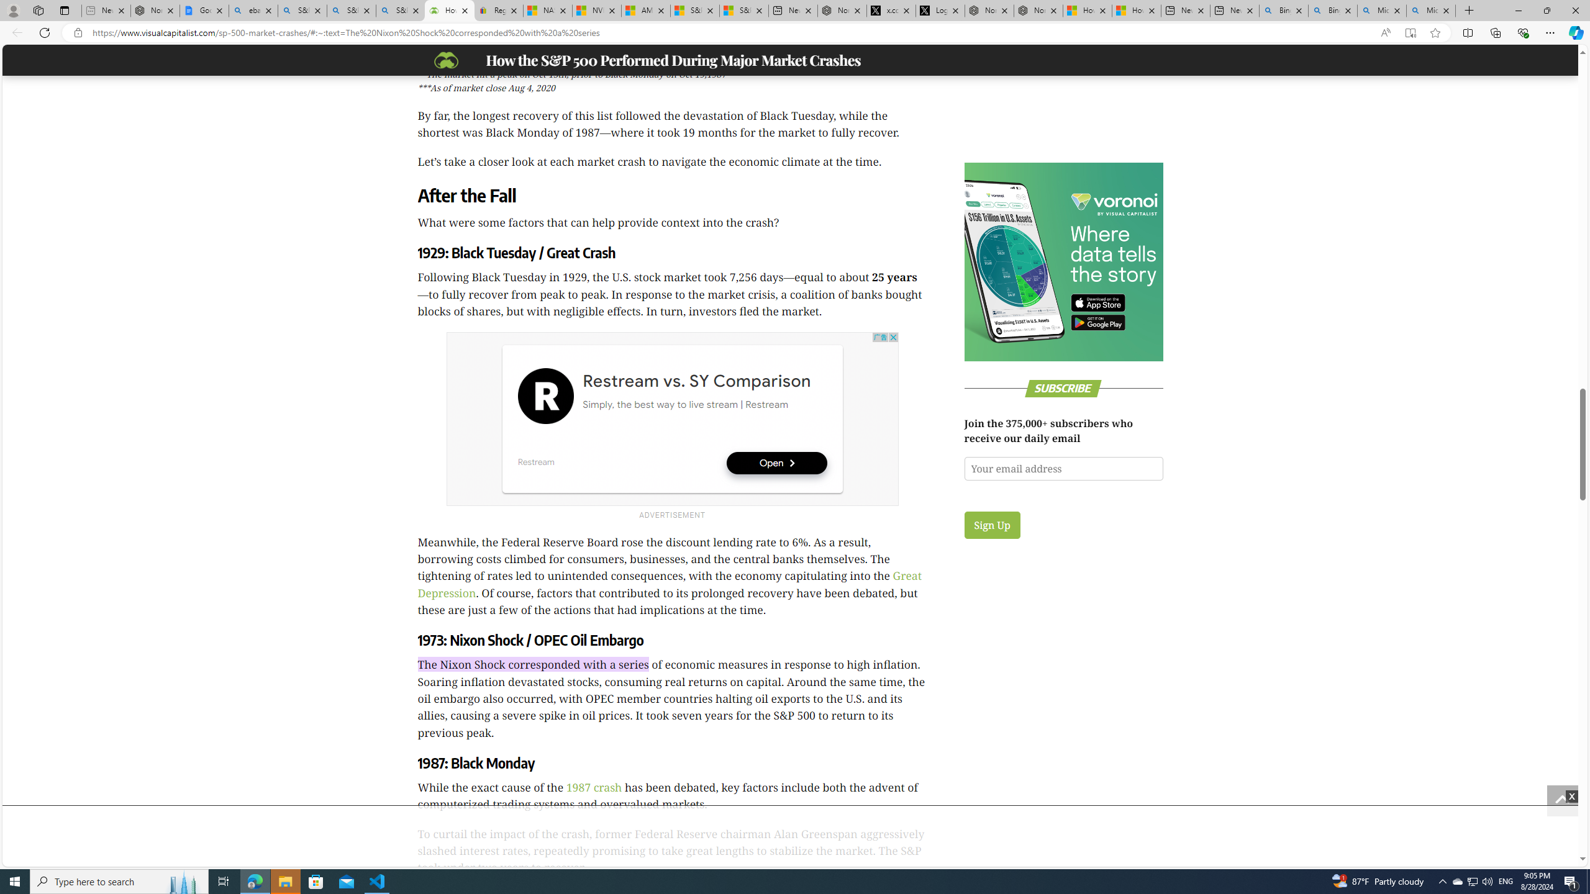 This screenshot has width=1590, height=894. I want to click on 'Microsoft Bing Timeline - Search', so click(1430, 10).